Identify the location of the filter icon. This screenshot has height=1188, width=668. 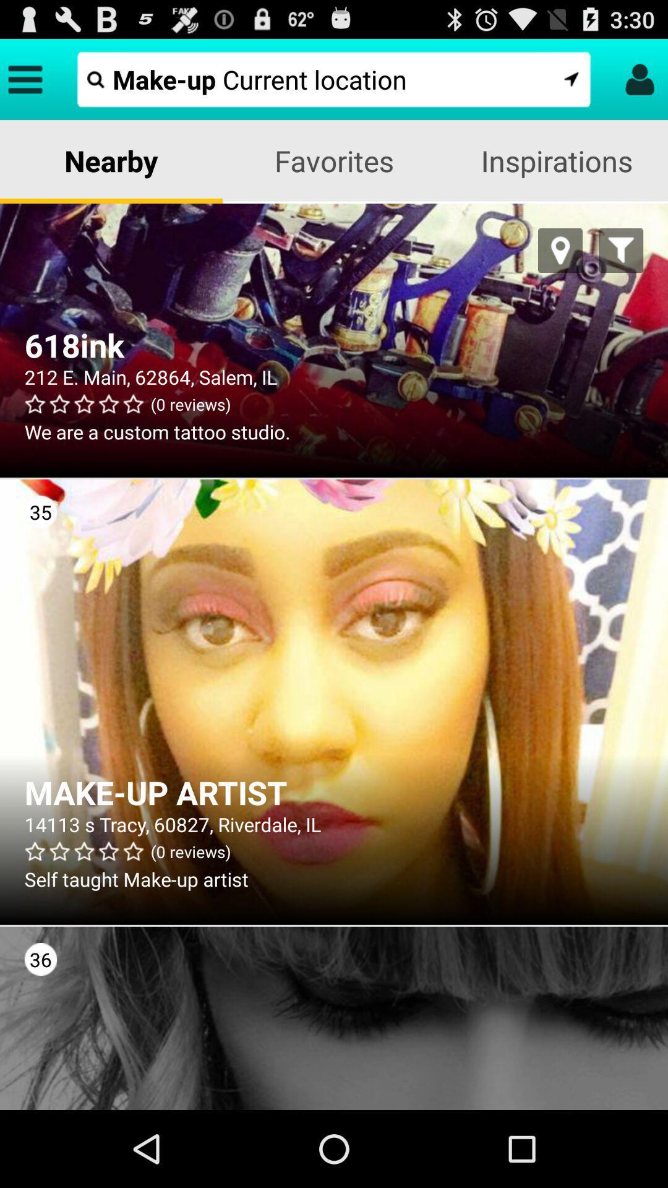
(621, 267).